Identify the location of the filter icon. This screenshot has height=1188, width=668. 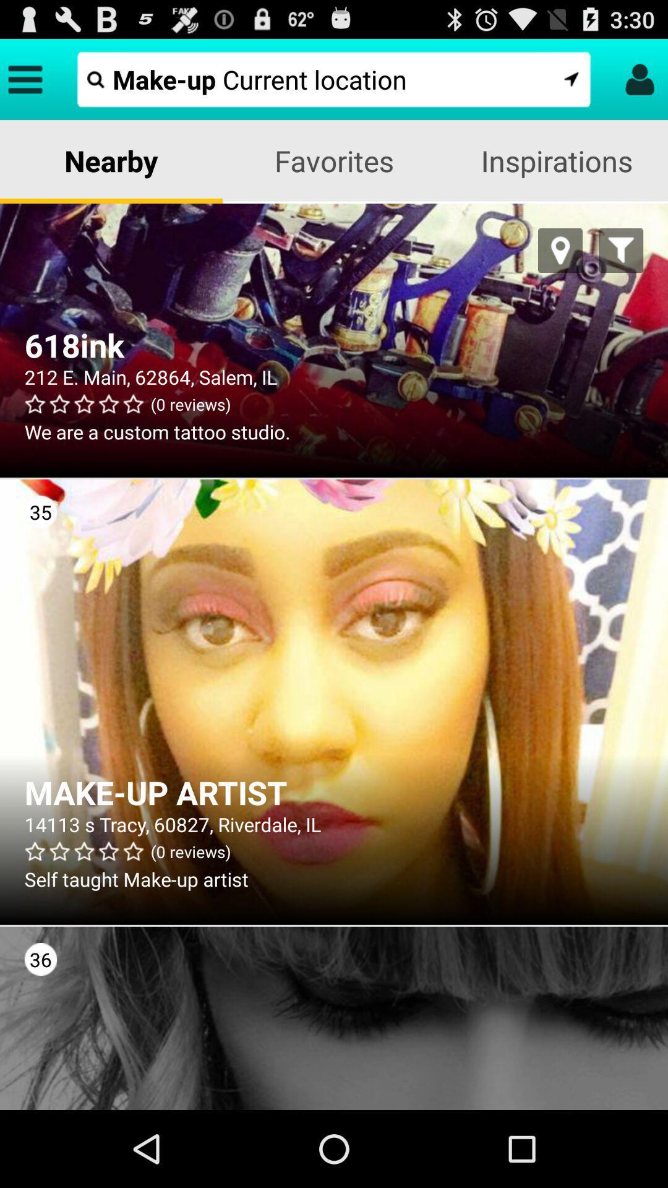
(621, 267).